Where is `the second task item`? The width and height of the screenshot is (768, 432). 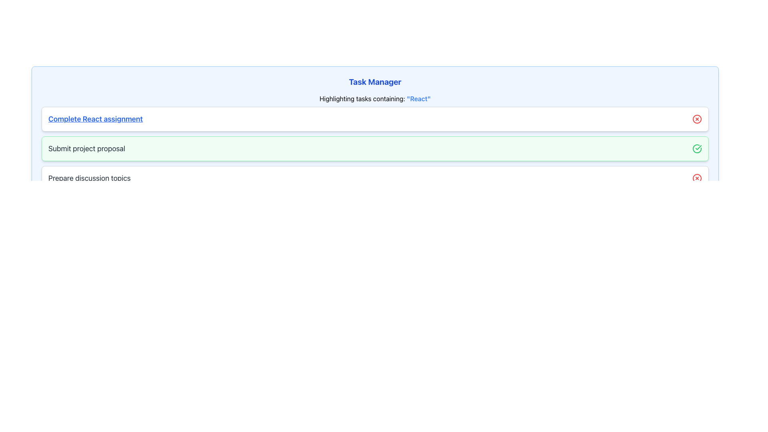 the second task item is located at coordinates (374, 148).